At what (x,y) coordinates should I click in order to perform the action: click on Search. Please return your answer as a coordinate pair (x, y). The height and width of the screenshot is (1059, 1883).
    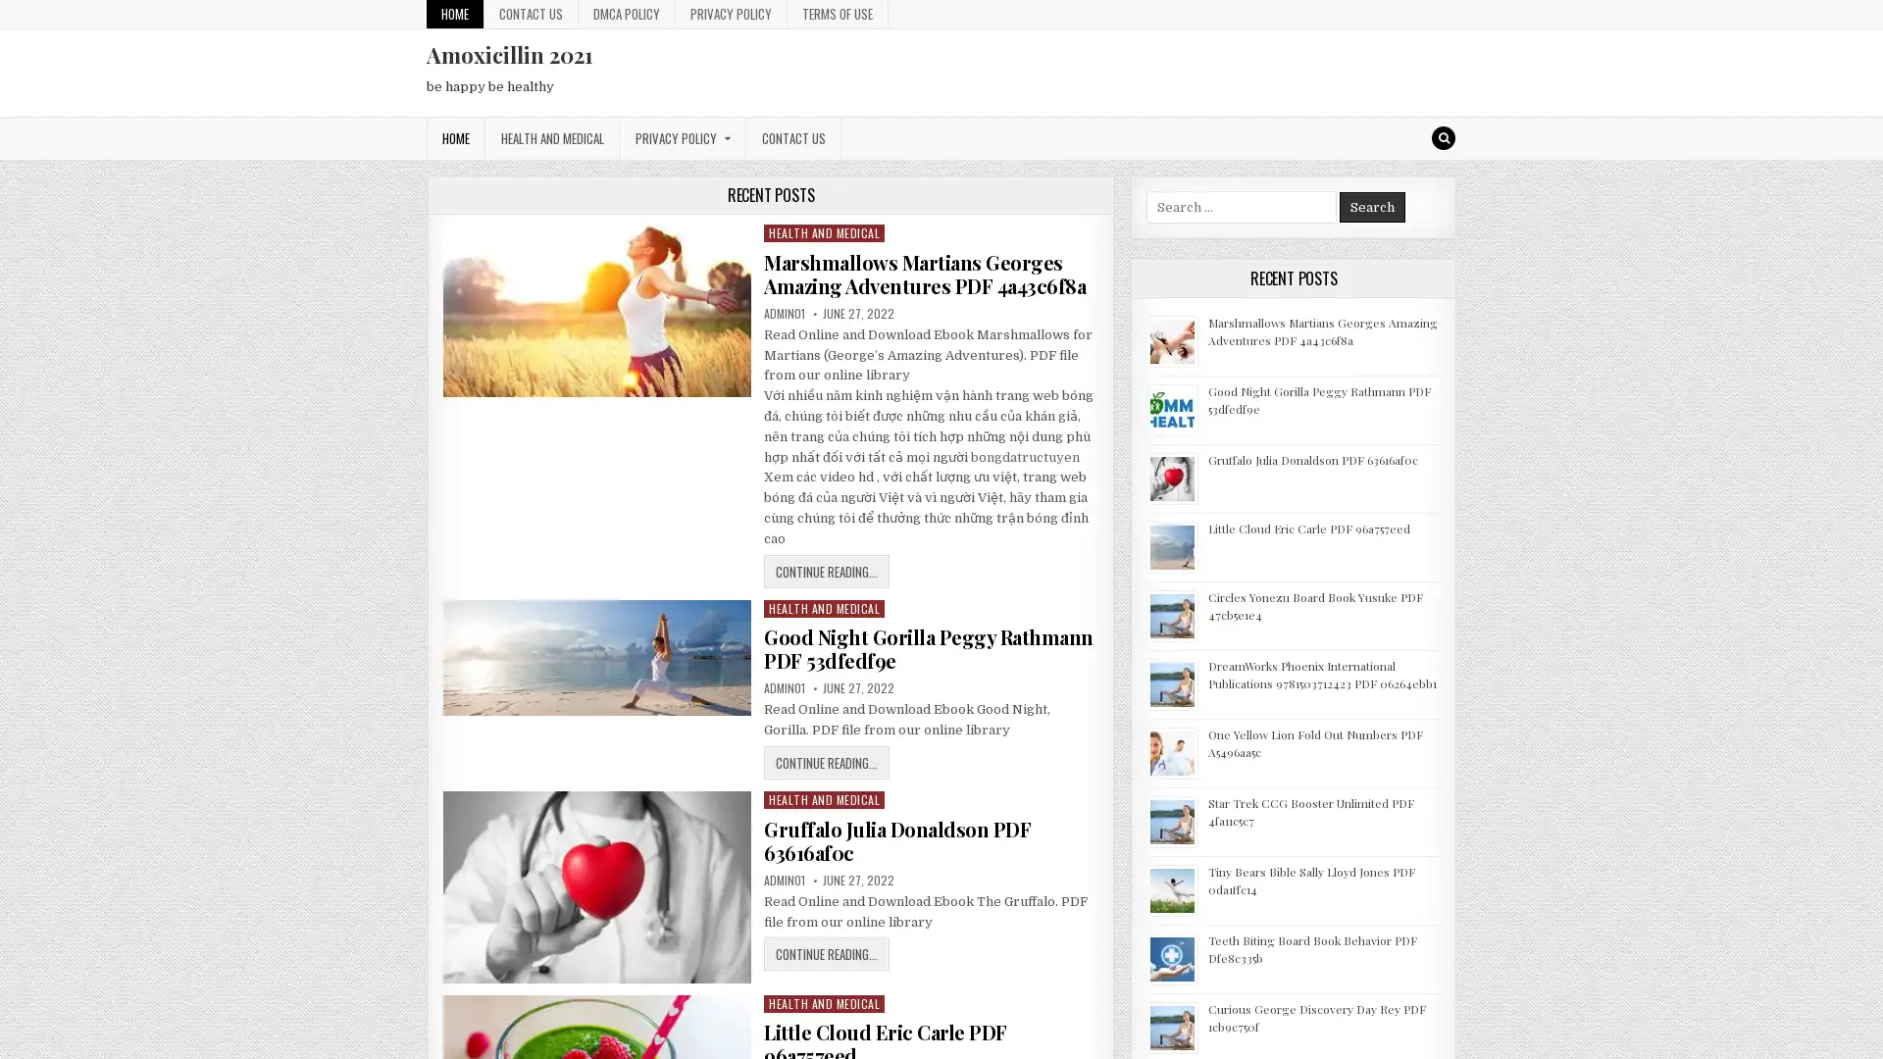
    Looking at the image, I should click on (1371, 207).